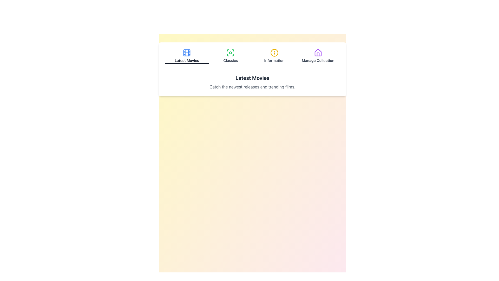  Describe the element at coordinates (318, 53) in the screenshot. I see `the purple house icon` at that location.